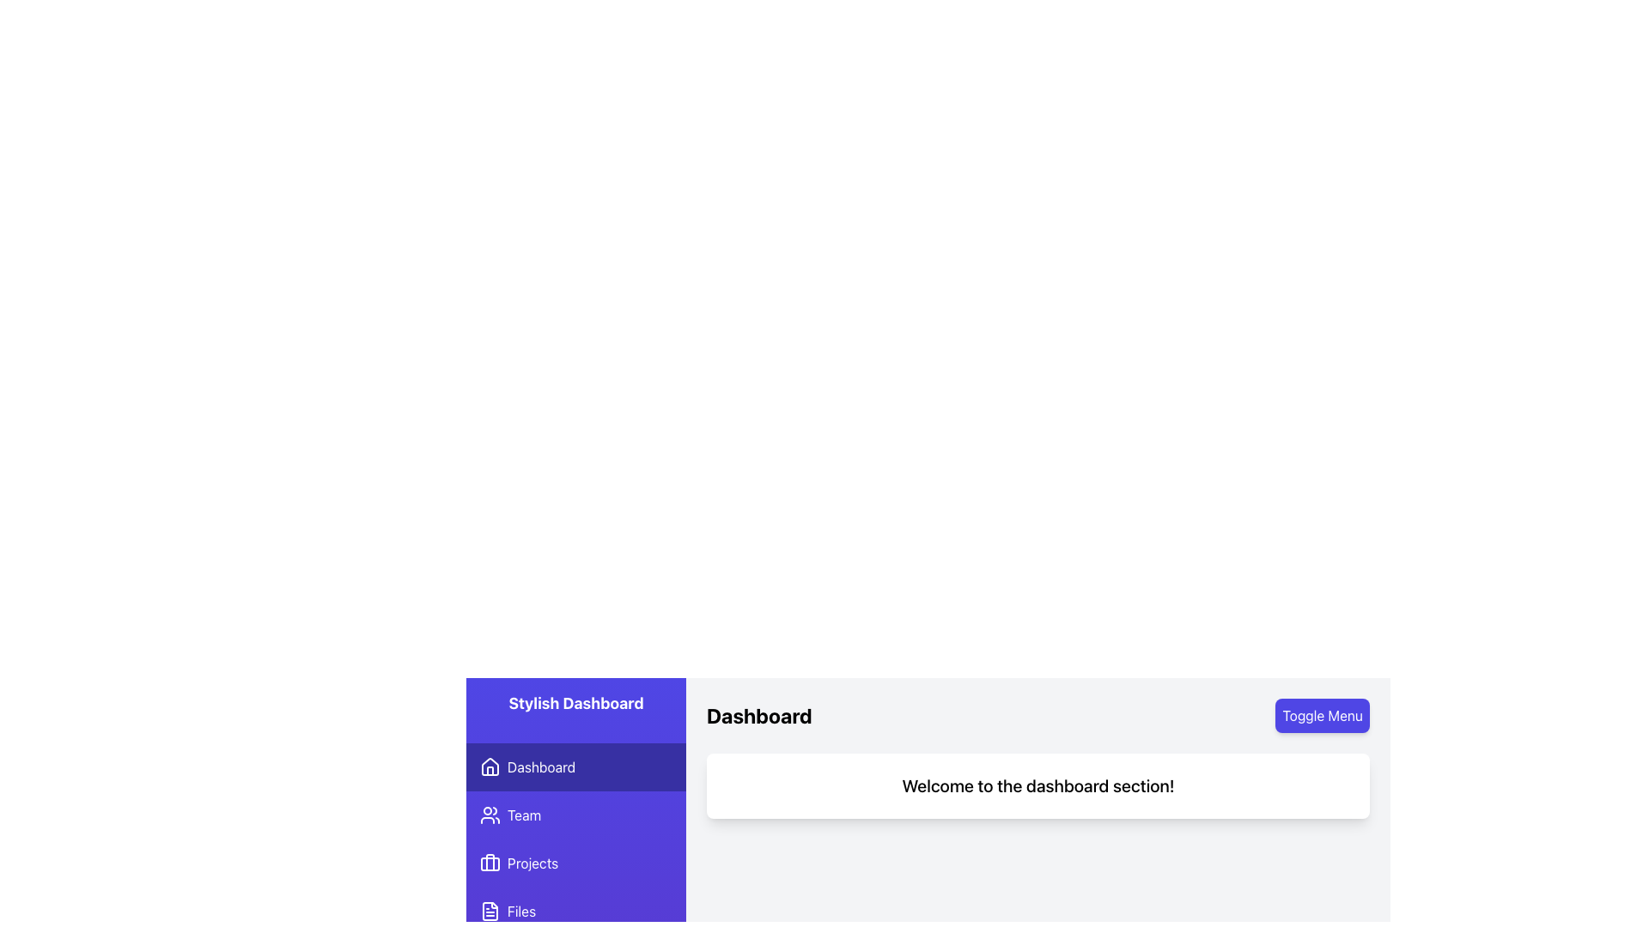  I want to click on the 'Projects' icon in the navigation menu, so click(490, 863).